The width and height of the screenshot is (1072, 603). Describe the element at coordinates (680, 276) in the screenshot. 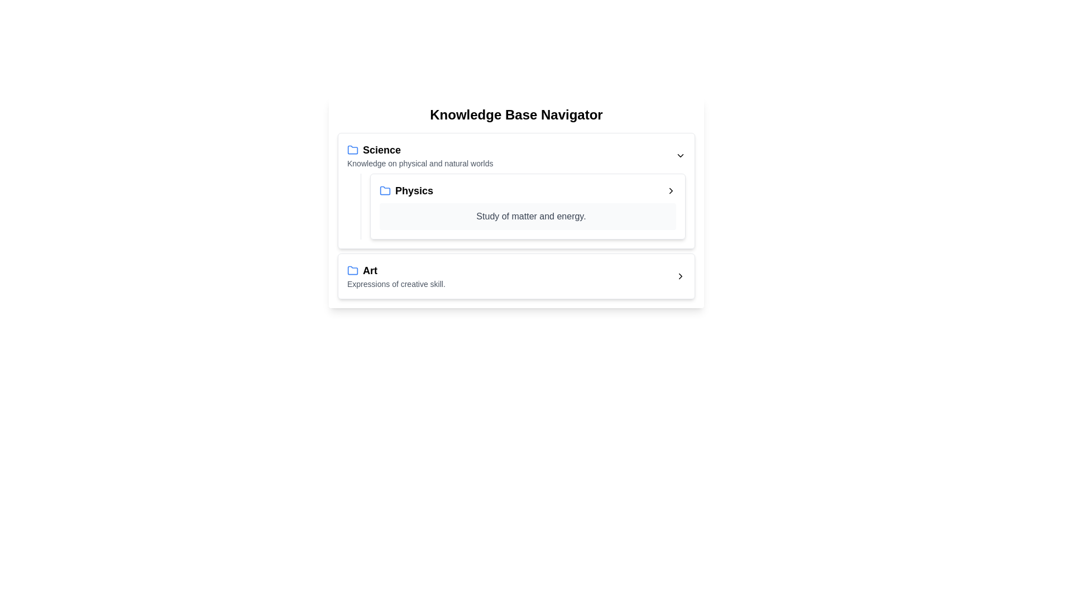

I see `the right chevron icon, which is positioned at the right end of the 'Art' item in the list interface` at that location.